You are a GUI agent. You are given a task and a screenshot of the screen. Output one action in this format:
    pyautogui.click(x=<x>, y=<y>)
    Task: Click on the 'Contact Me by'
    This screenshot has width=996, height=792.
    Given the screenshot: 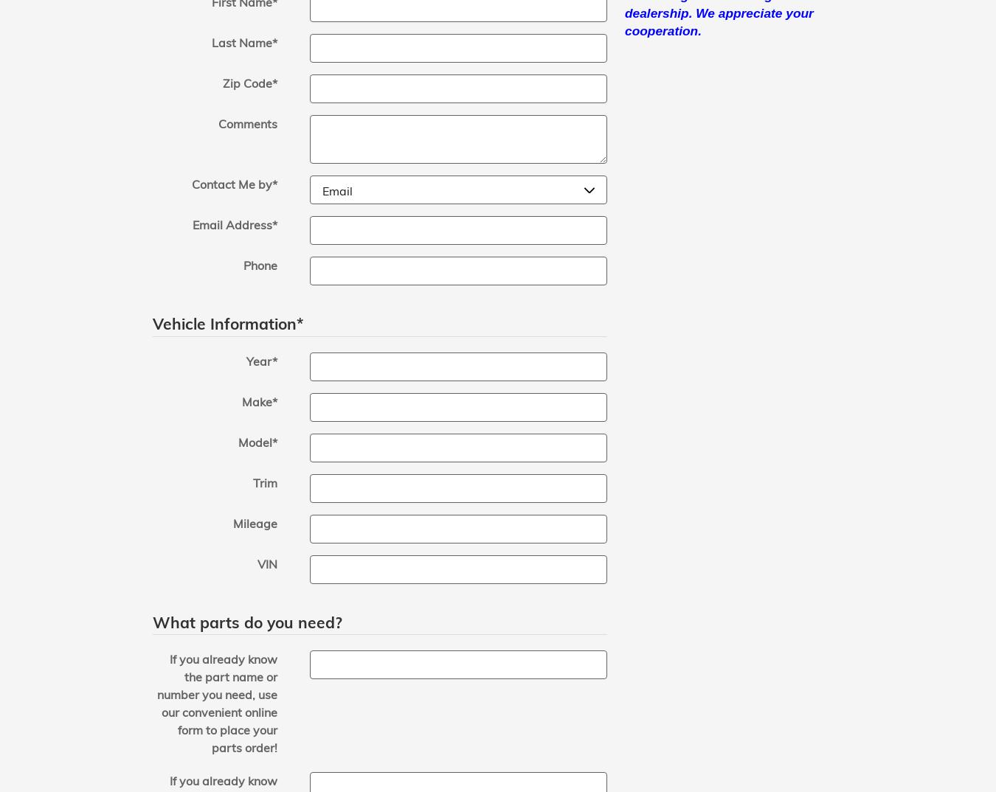 What is the action you would take?
    pyautogui.click(x=231, y=184)
    